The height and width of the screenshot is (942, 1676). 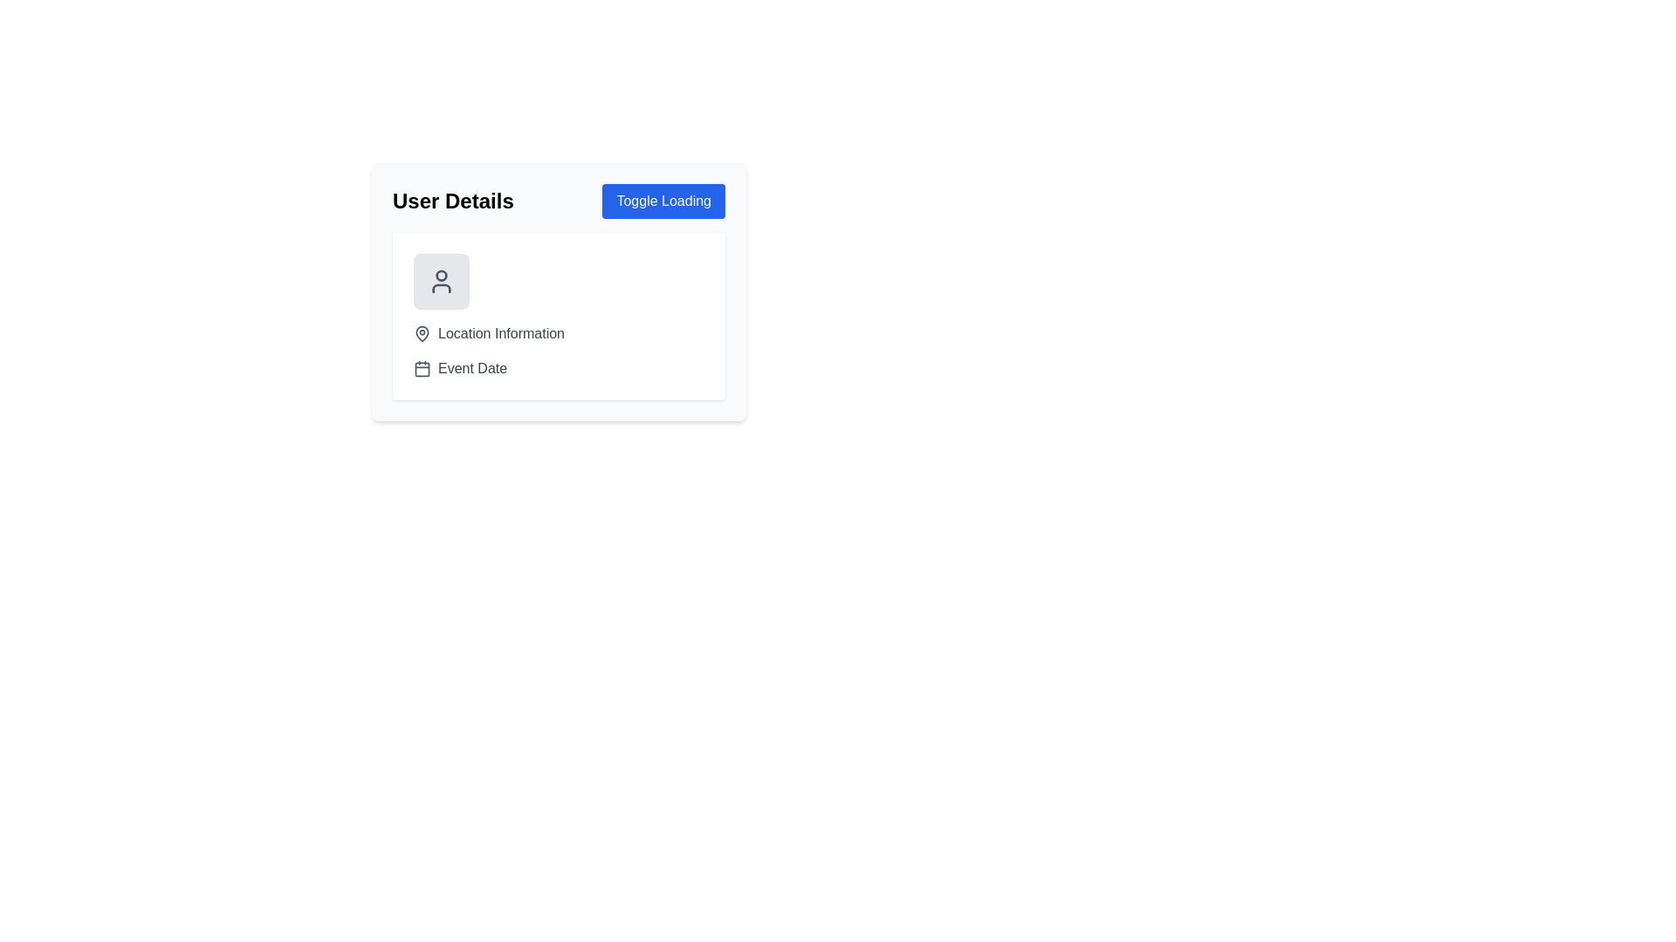 What do you see at coordinates (500, 333) in the screenshot?
I see `the 'Location Information' text label, which is displayed in gray on a white background and is situated next to a pin-shaped icon within the user details card` at bounding box center [500, 333].